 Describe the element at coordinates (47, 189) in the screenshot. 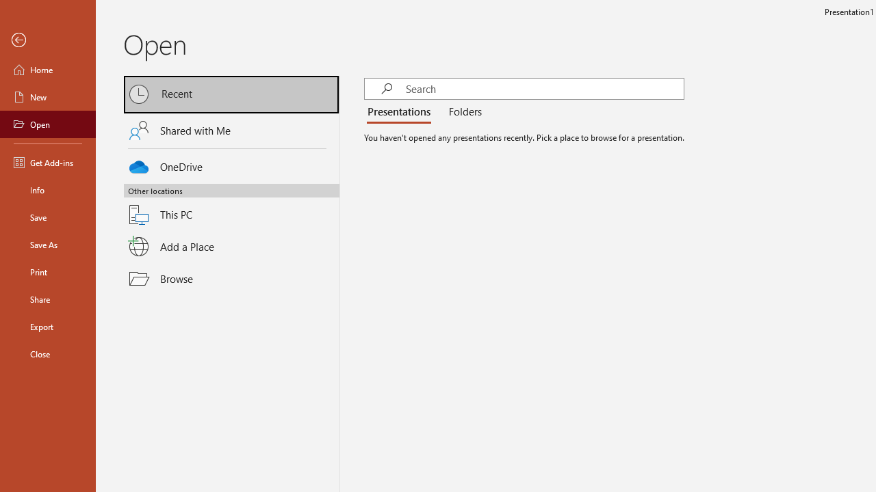

I see `'Info'` at that location.